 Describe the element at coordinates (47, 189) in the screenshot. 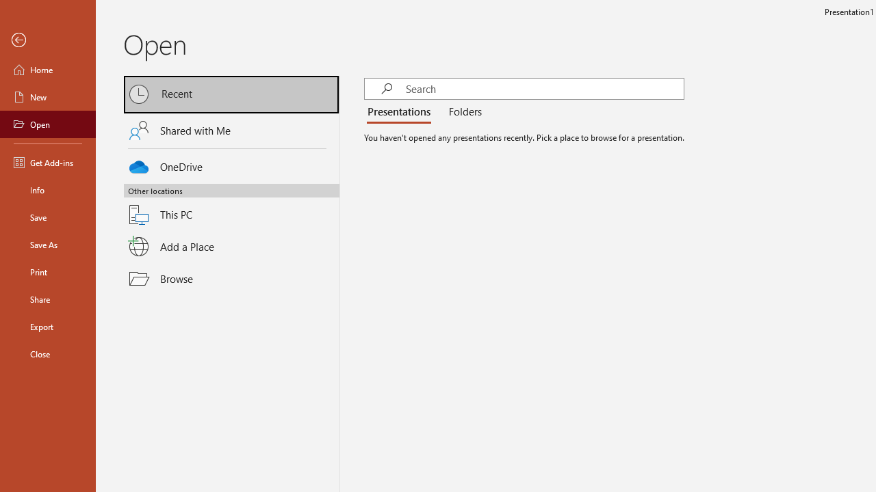

I see `'Info'` at that location.